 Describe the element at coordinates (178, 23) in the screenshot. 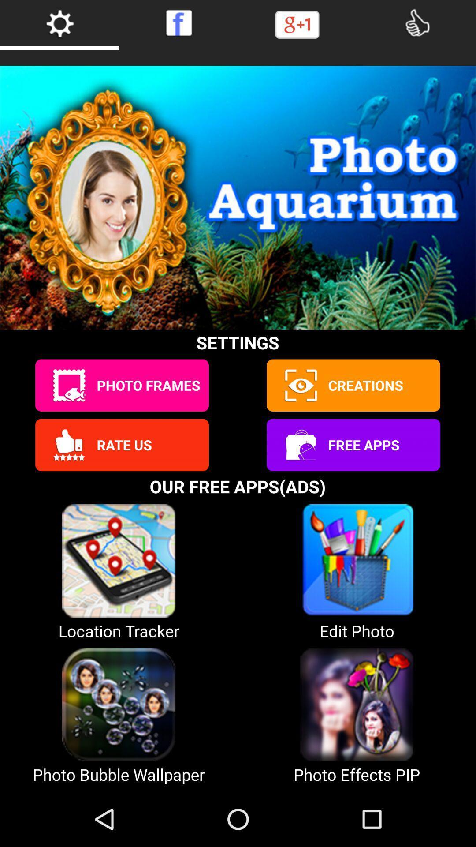

I see `facebook icon` at that location.